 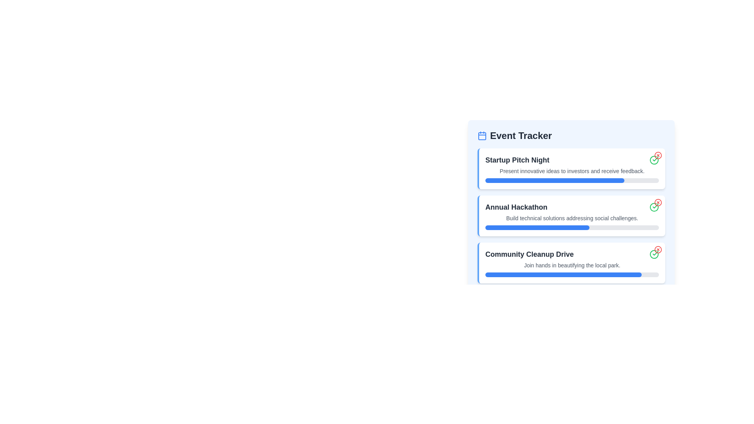 What do you see at coordinates (537, 227) in the screenshot?
I see `the progress indicator located under the 'Annual Hackathon' event in the 'Event Tracker' section, which visualizes the progress of the associated task` at bounding box center [537, 227].